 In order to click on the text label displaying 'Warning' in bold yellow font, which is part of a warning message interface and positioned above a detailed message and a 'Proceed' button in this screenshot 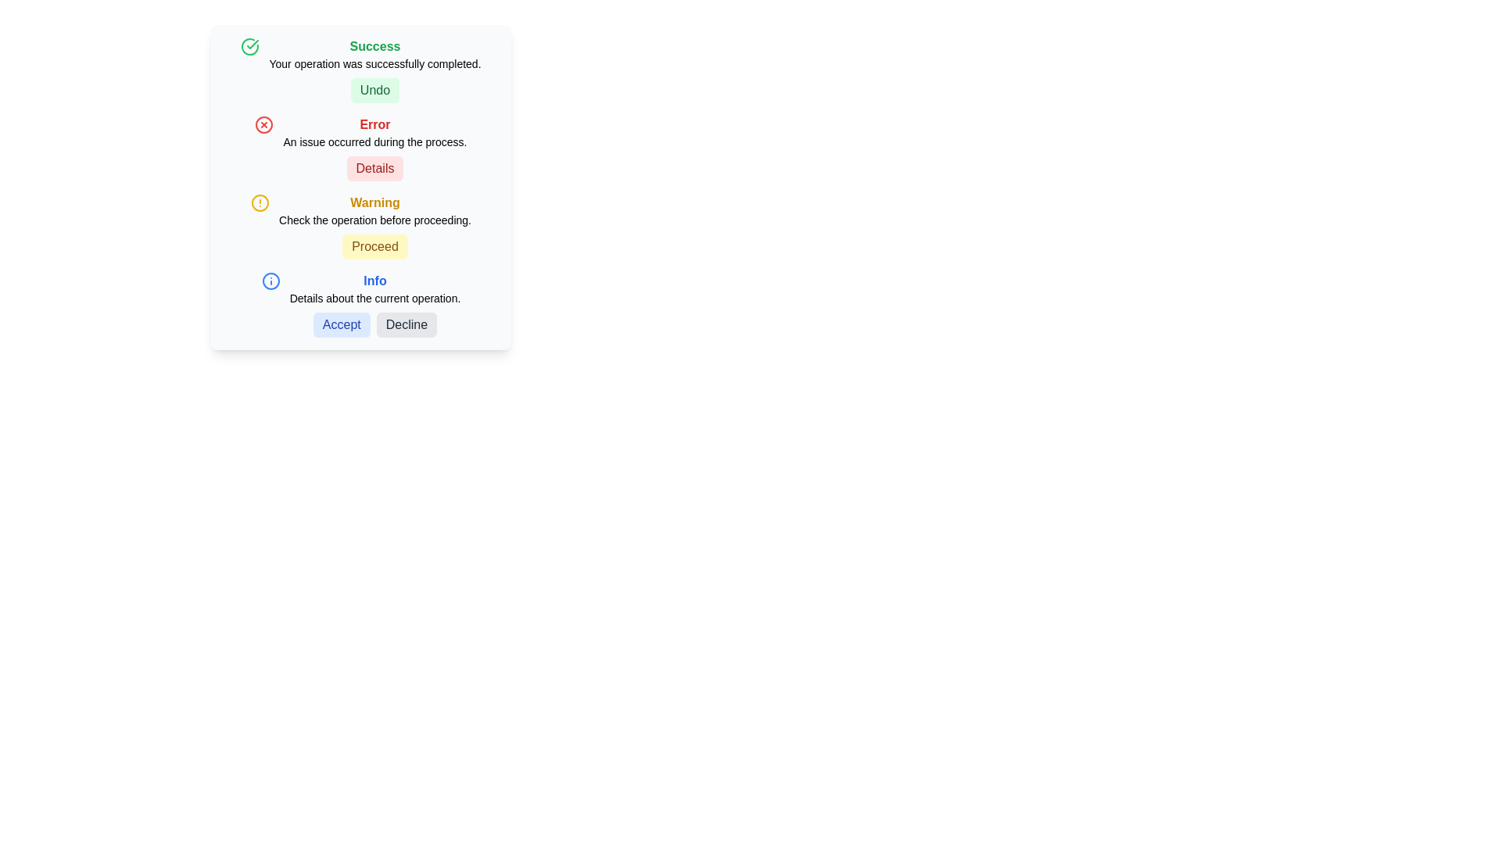, I will do `click(375, 202)`.